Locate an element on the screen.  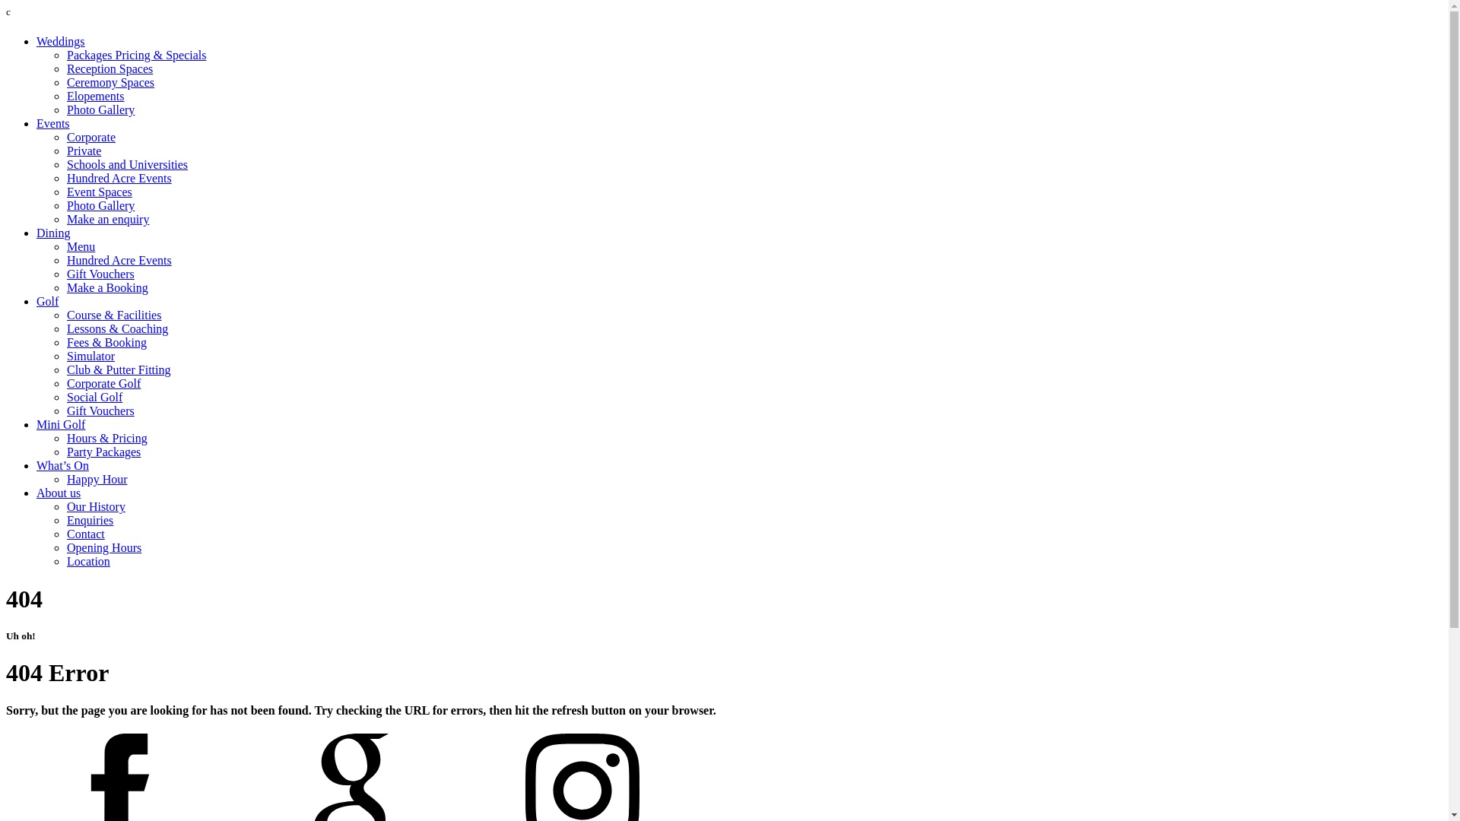
'About us' is located at coordinates (36, 493).